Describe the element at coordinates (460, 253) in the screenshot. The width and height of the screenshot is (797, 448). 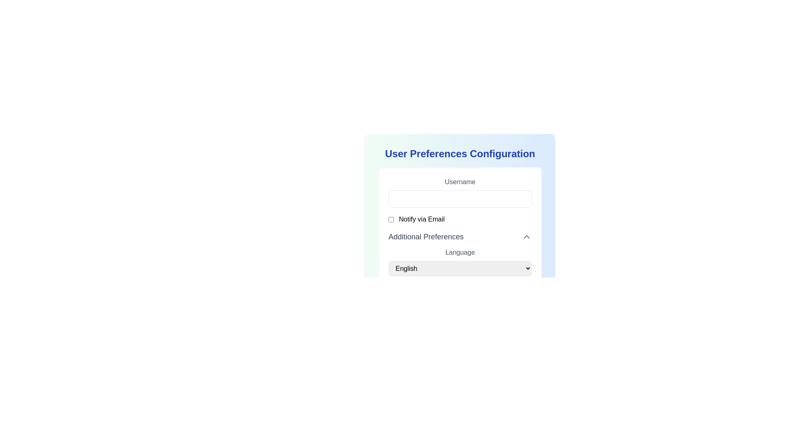
I see `the dropdown menu labeled 'Language'` at that location.